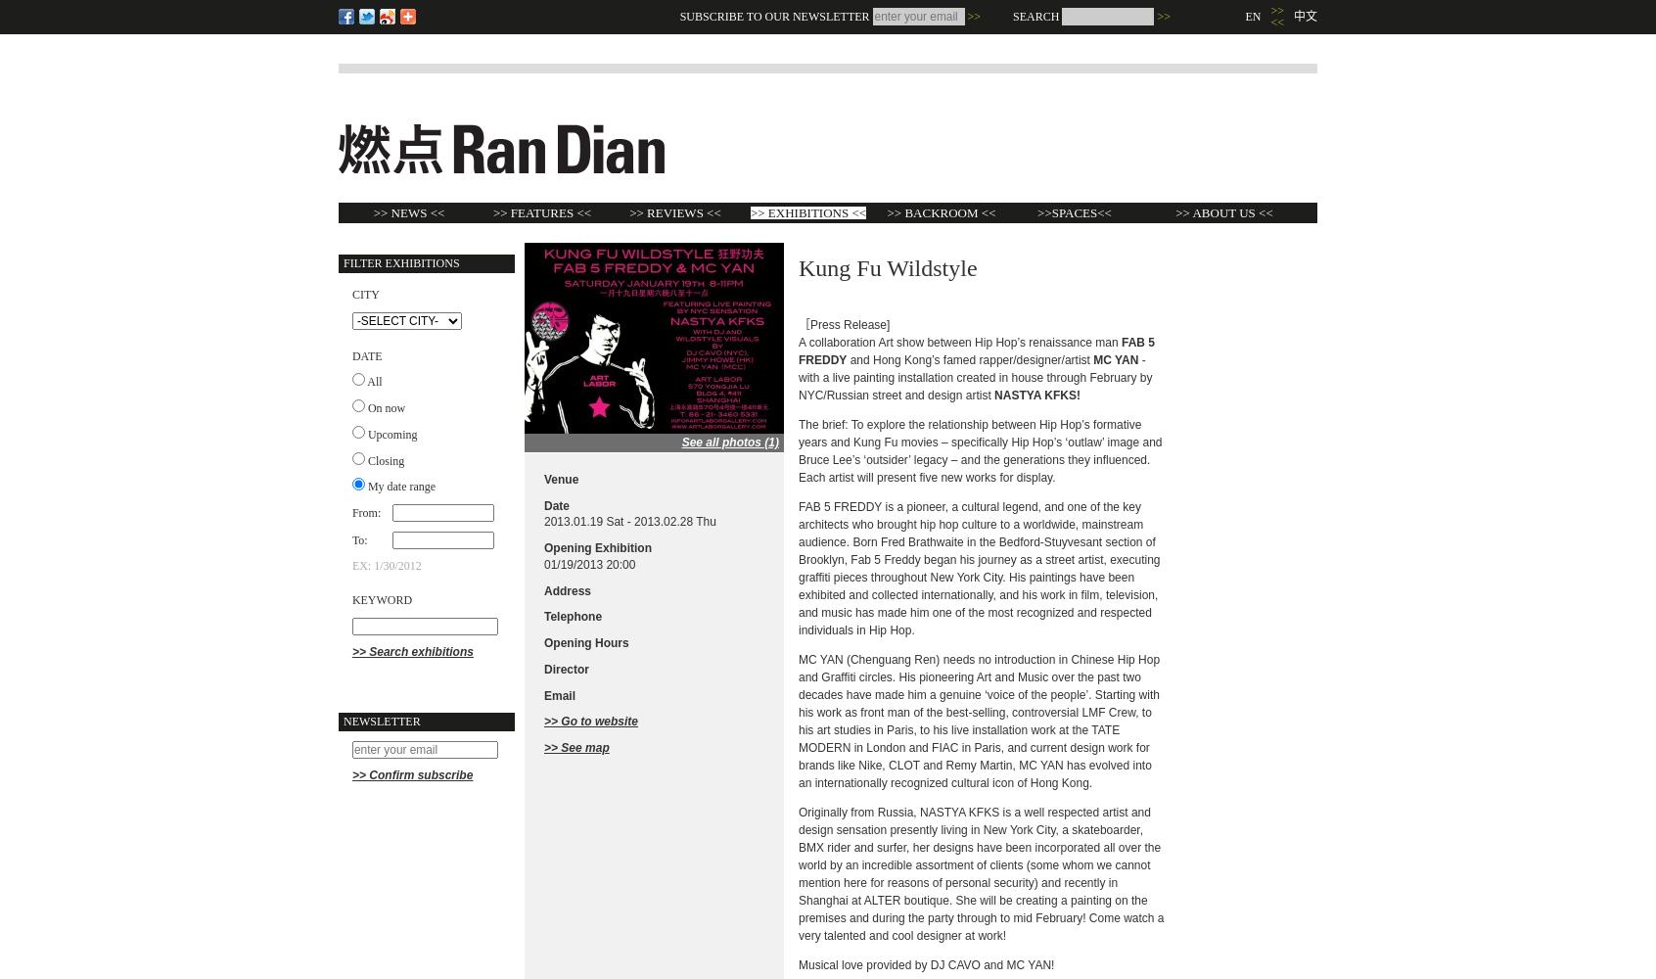 This screenshot has height=979, width=1656. I want to click on '>> Confirm subscribe', so click(412, 775).